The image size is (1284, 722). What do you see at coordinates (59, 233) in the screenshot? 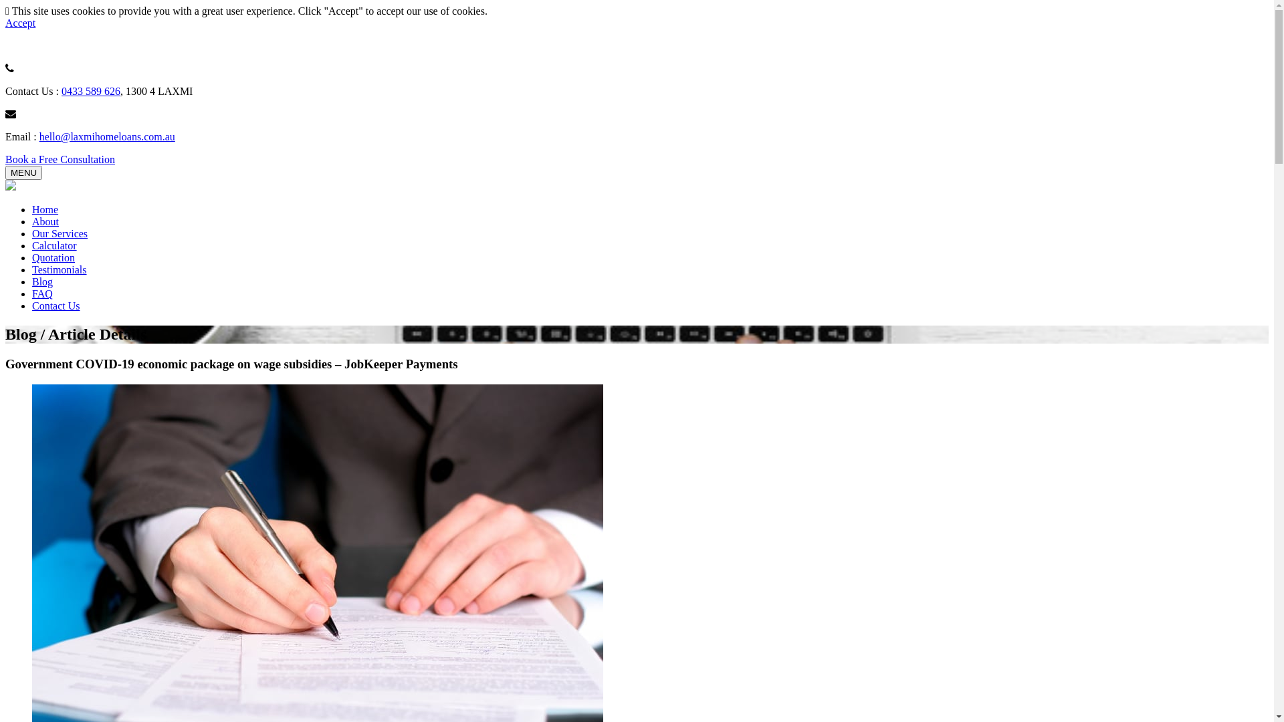
I see `'Our Services'` at bounding box center [59, 233].